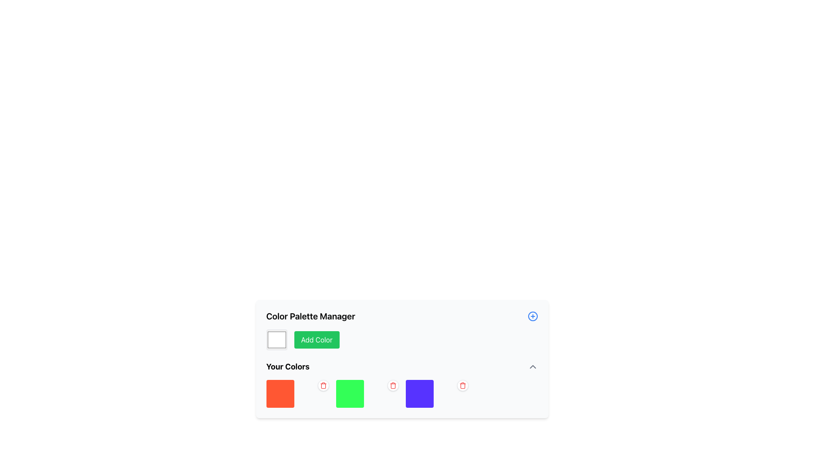 Image resolution: width=836 pixels, height=470 pixels. Describe the element at coordinates (532, 316) in the screenshot. I see `the circular outline Graphical Icon Component with a blue border, which is part of a plus icon and located at the far right of the interface section above the list of colored blocks` at that location.